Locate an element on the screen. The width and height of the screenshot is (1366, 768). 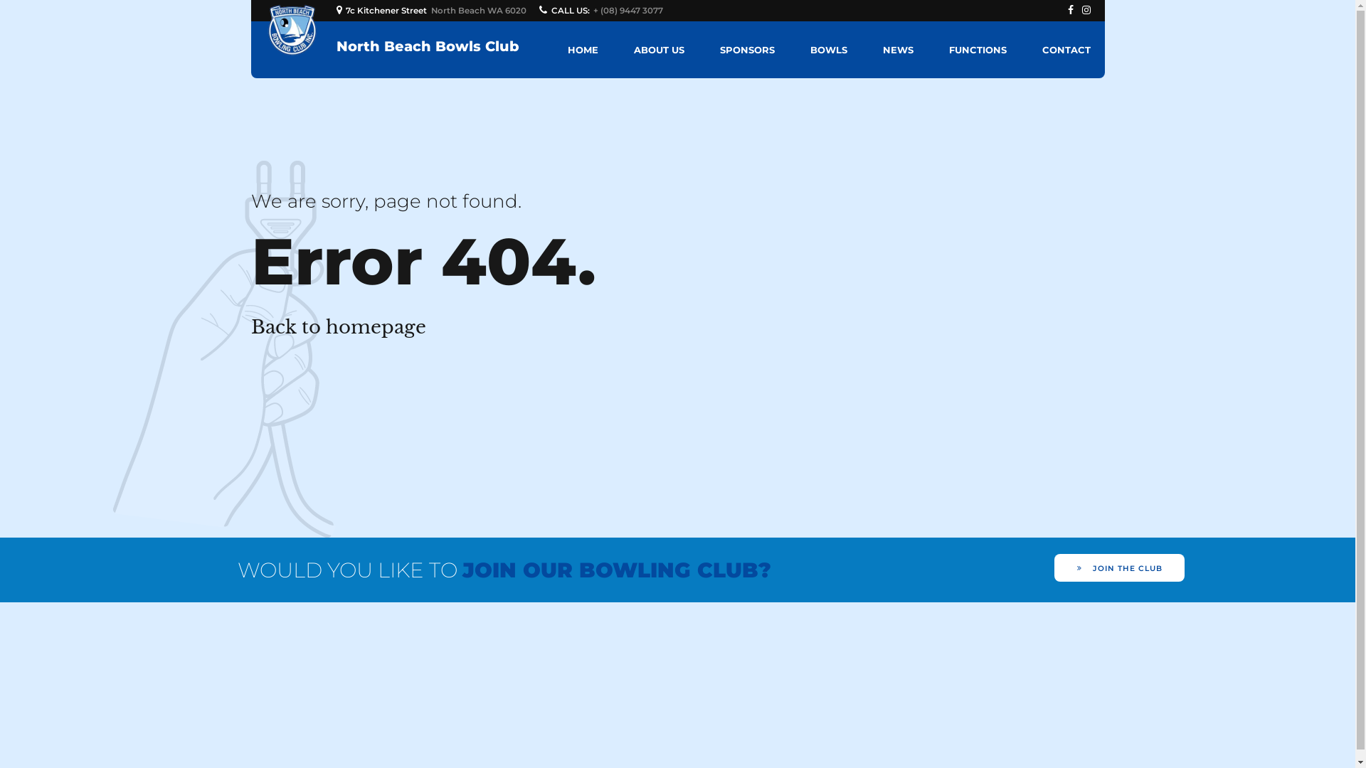
'JOIN THE CLUB' is located at coordinates (1054, 567).